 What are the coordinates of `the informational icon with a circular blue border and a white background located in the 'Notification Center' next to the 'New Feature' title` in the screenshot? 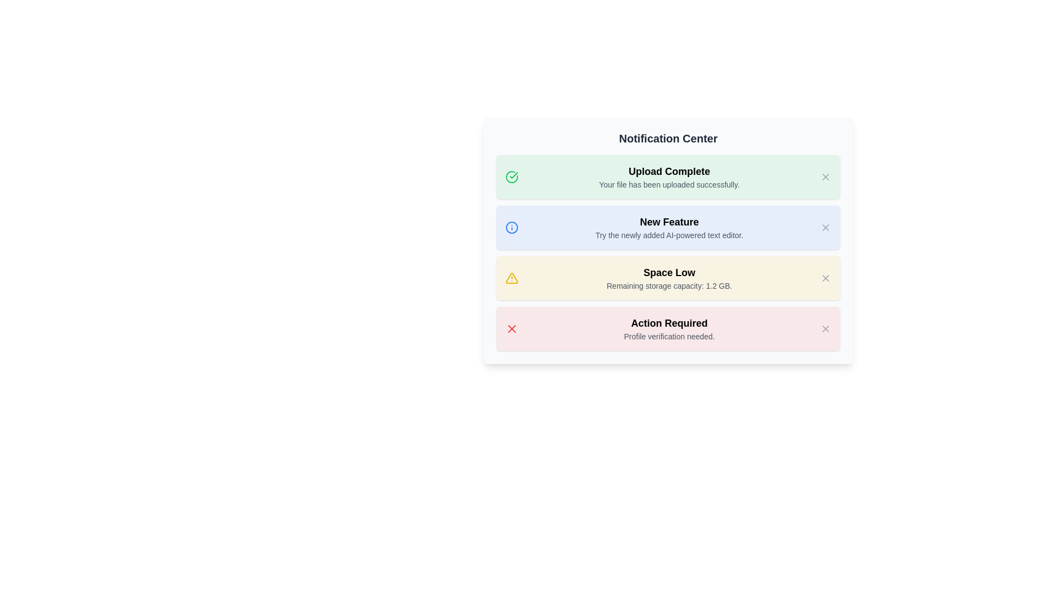 It's located at (511, 227).